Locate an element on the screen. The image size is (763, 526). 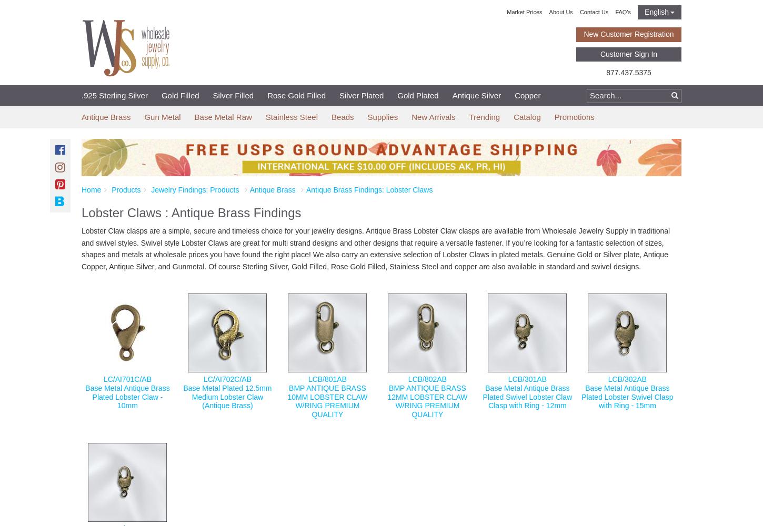
'Base Metal Antique Brass Plated Swivel Lobster Claw Clasp with Ring - 12mm' is located at coordinates (527, 397).